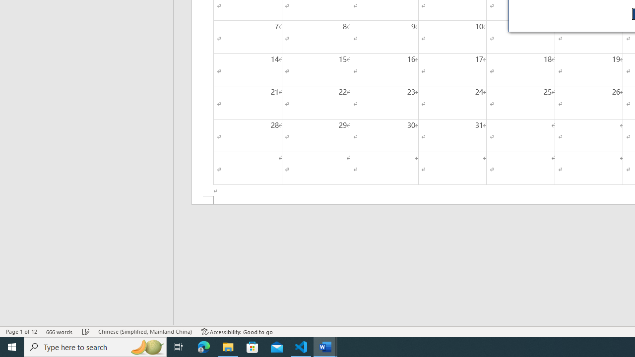  I want to click on 'Task View', so click(178, 346).